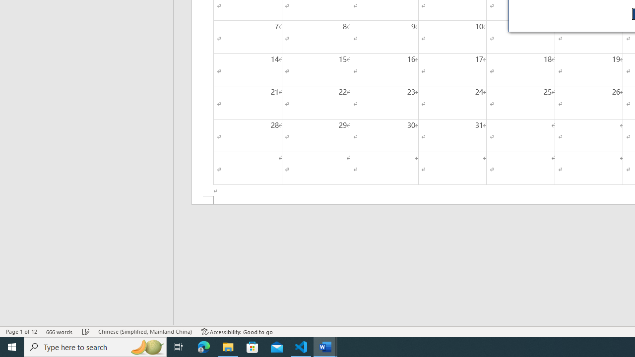  I want to click on 'Task View', so click(178, 346).